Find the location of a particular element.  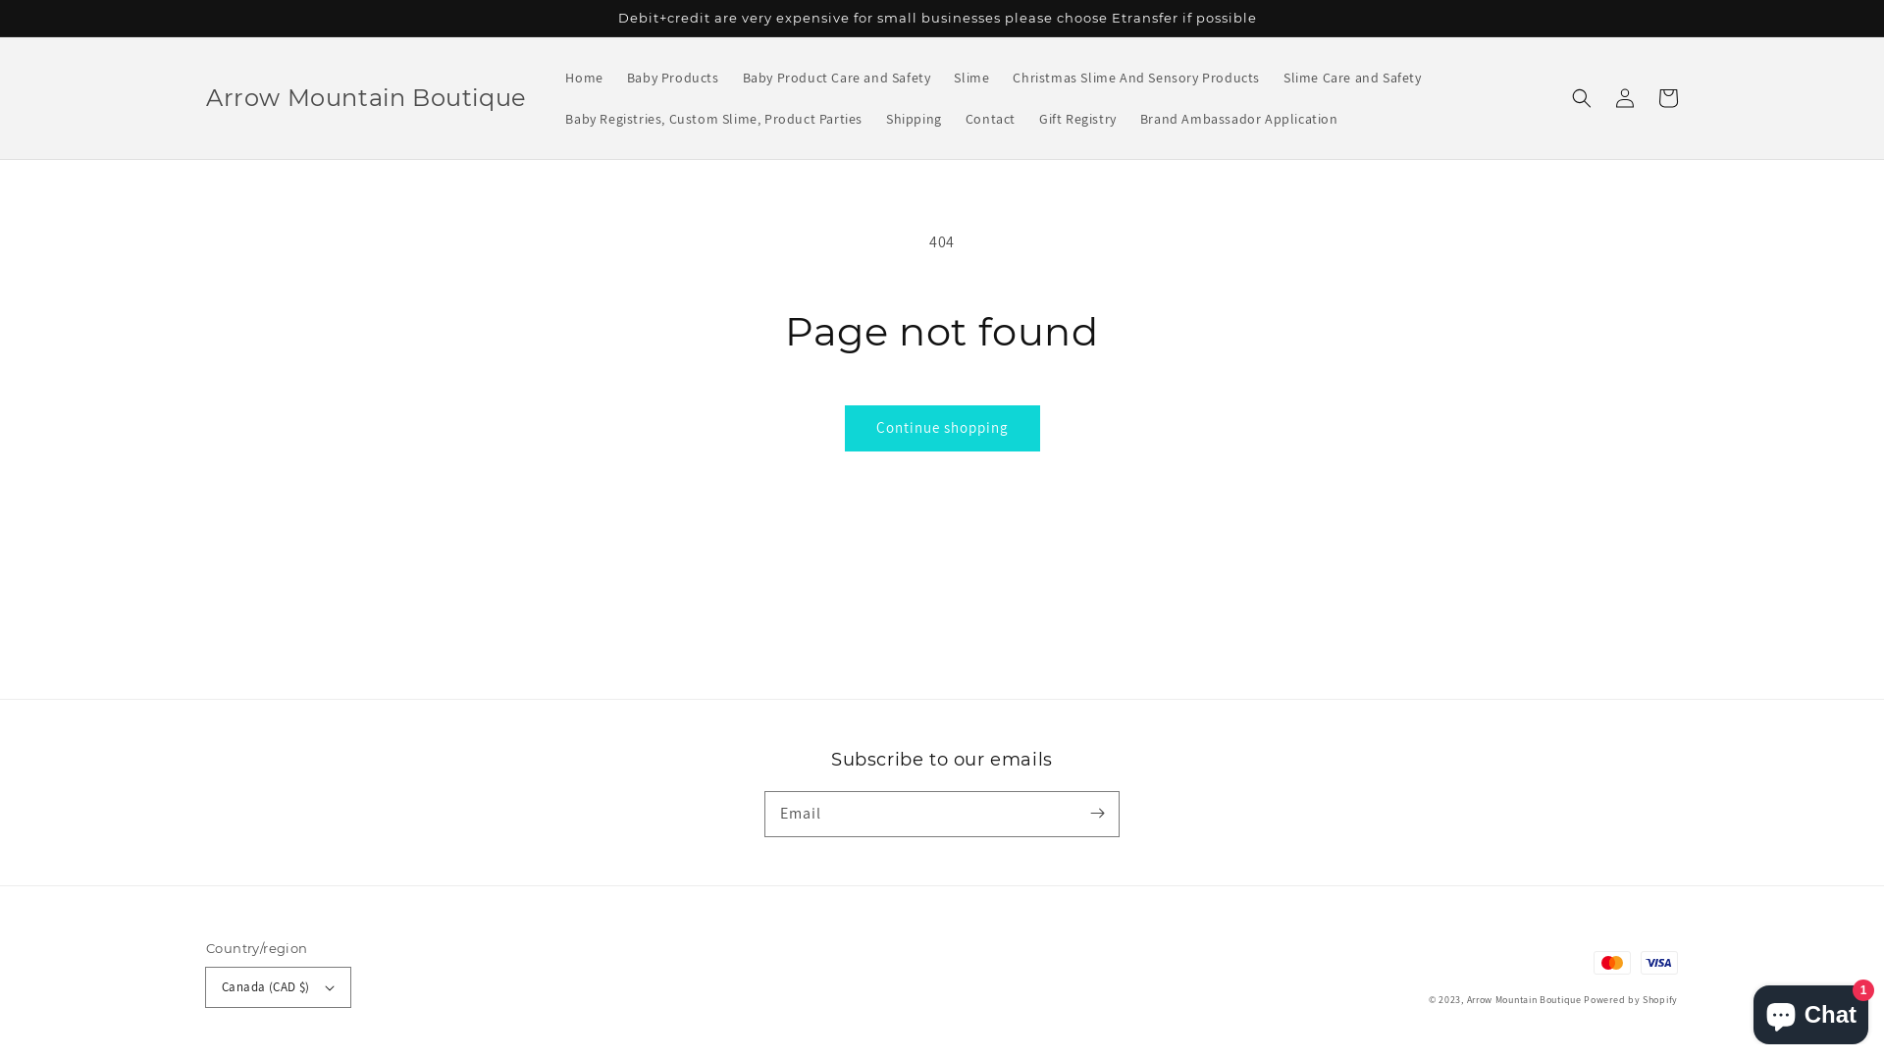

'Log in' is located at coordinates (1602, 98).